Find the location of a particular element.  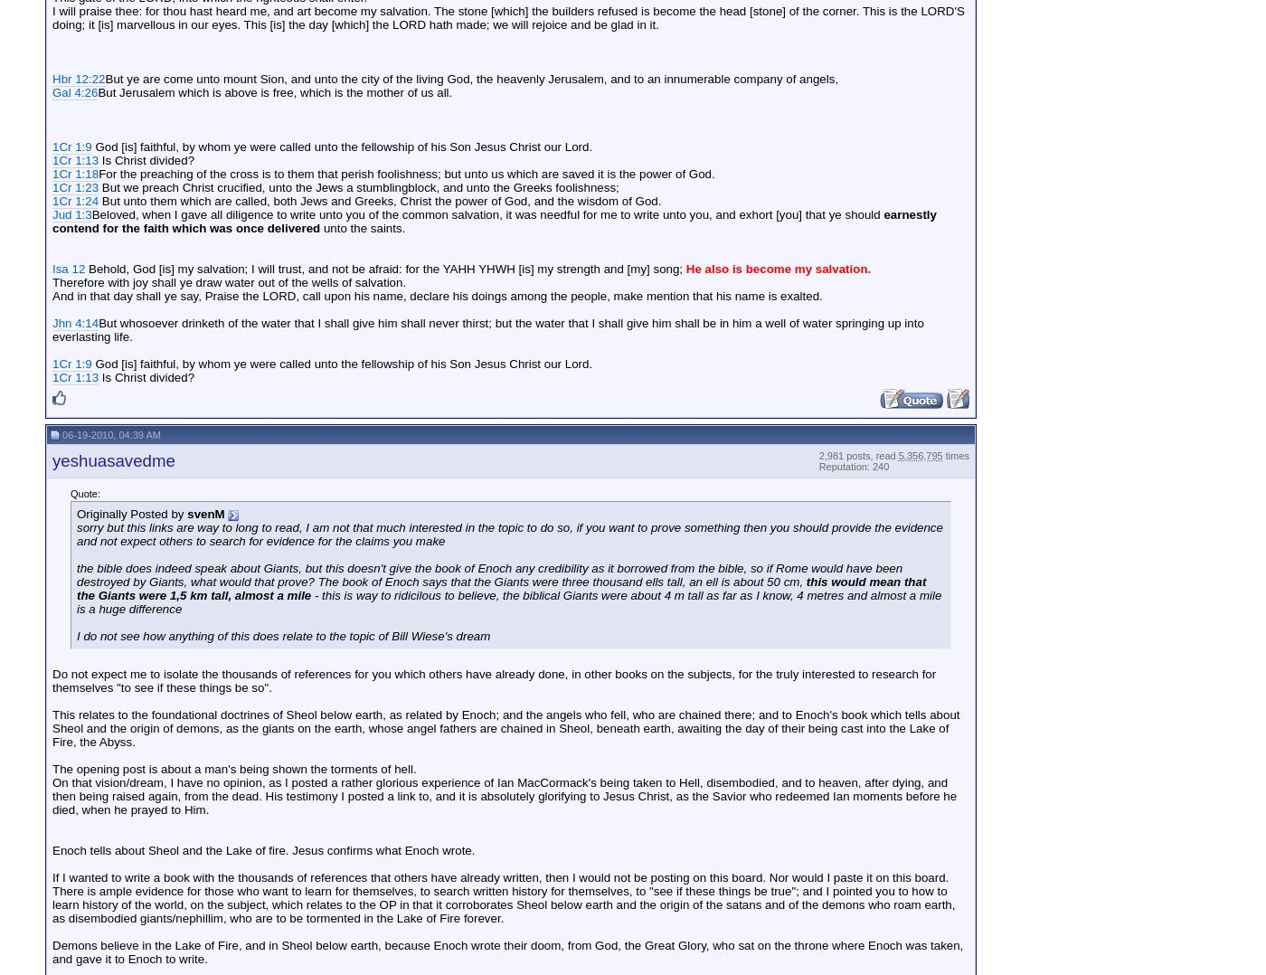

'- this is way to ridicilous to believe, the biblical Giants were about 4 m tall as far as I know, 4 metres and almost a mile is a huge difference' is located at coordinates (76, 601).